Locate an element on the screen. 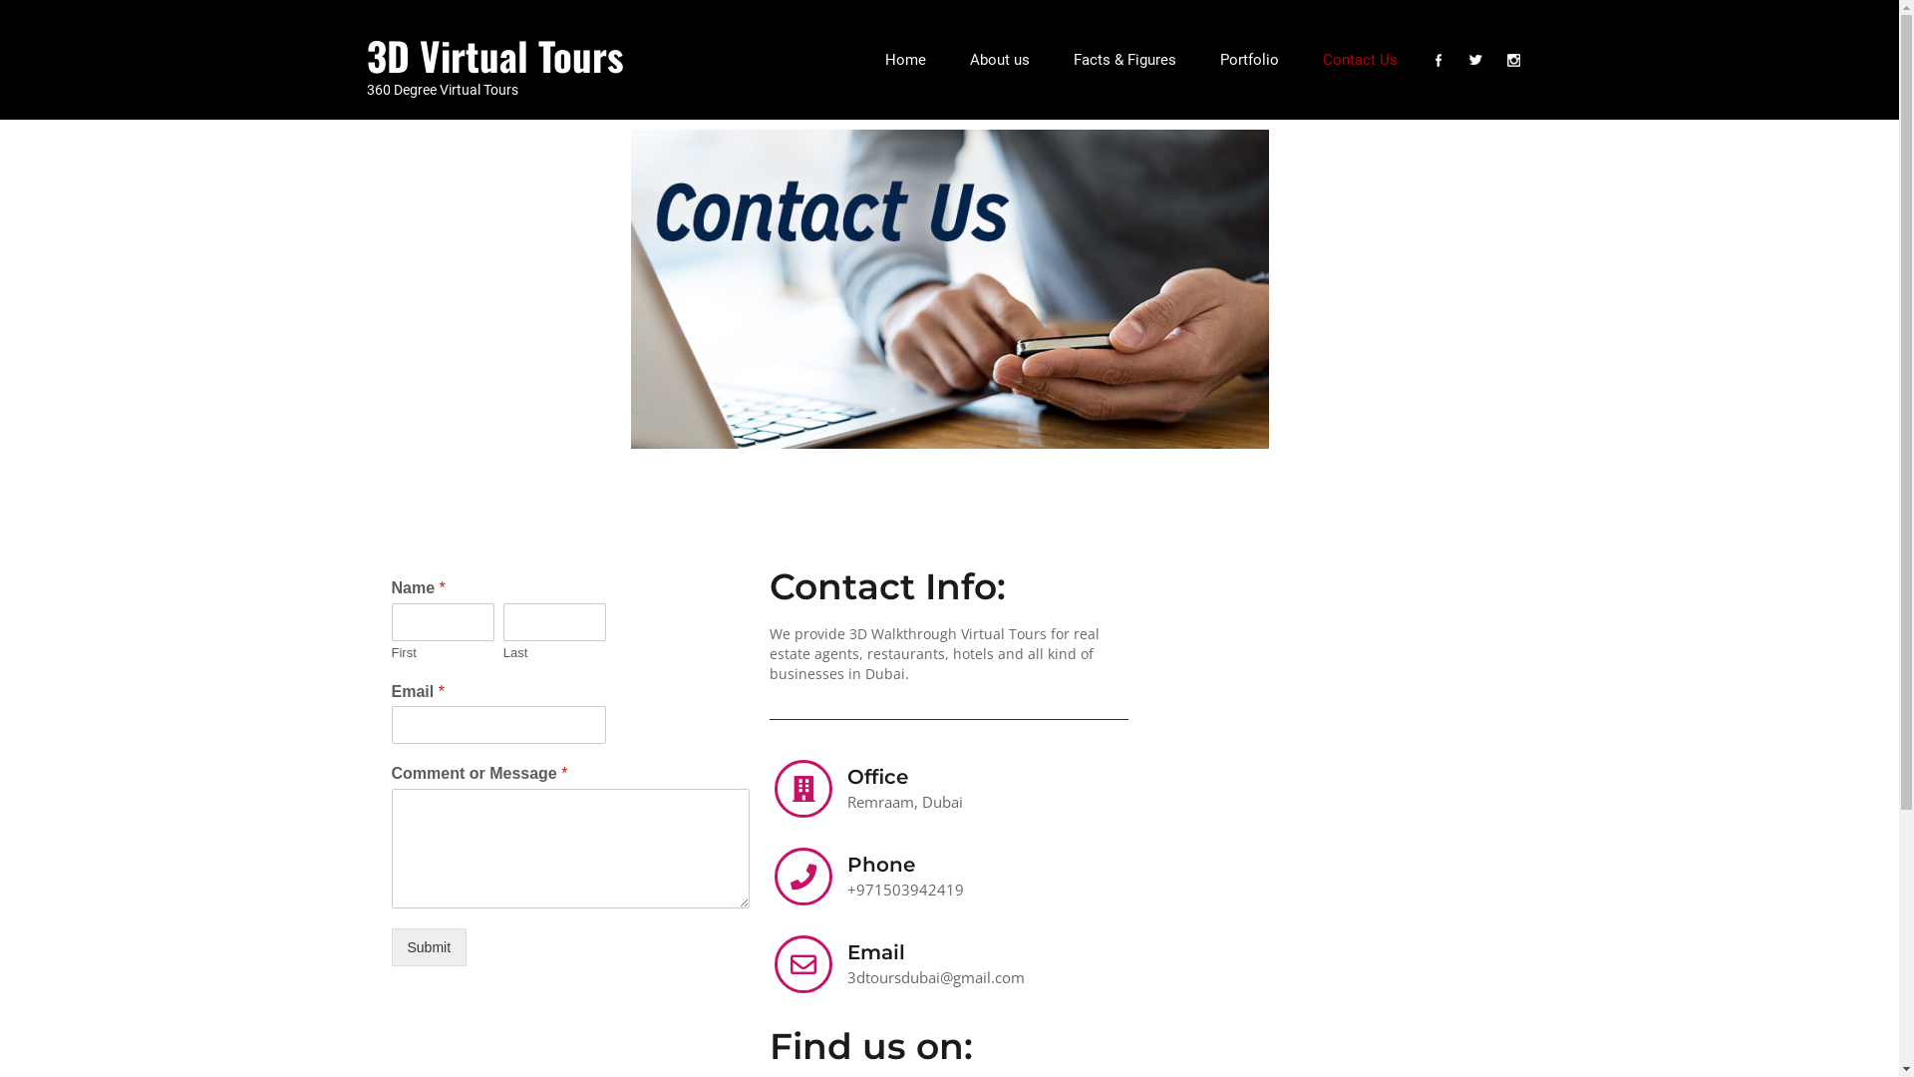 The image size is (1914, 1077). 'Contact Us' is located at coordinates (1358, 59).